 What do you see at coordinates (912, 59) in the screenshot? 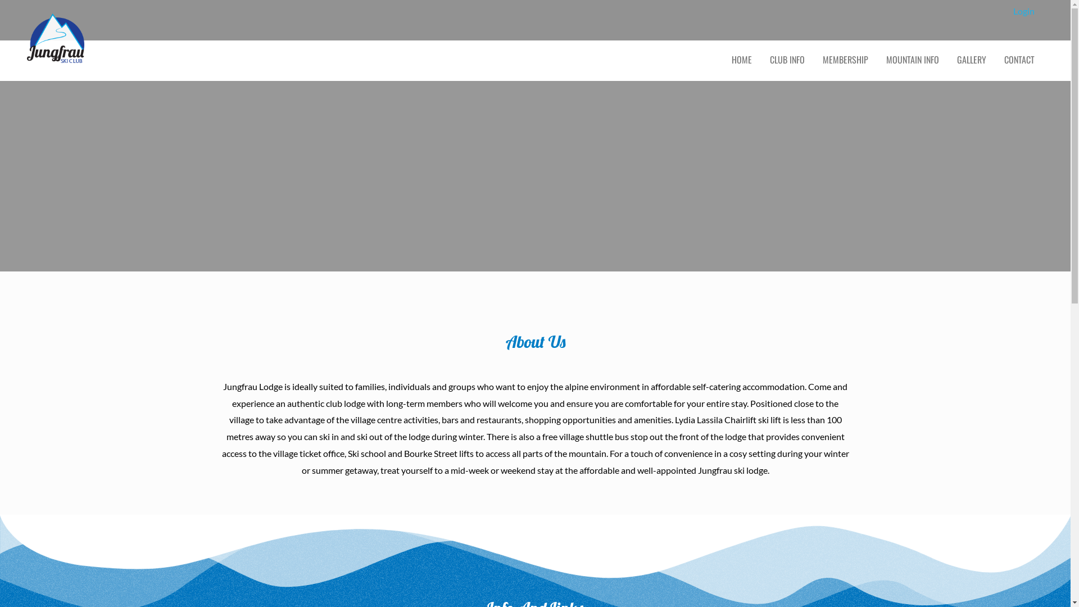
I see `'MOUNTAIN INFO'` at bounding box center [912, 59].